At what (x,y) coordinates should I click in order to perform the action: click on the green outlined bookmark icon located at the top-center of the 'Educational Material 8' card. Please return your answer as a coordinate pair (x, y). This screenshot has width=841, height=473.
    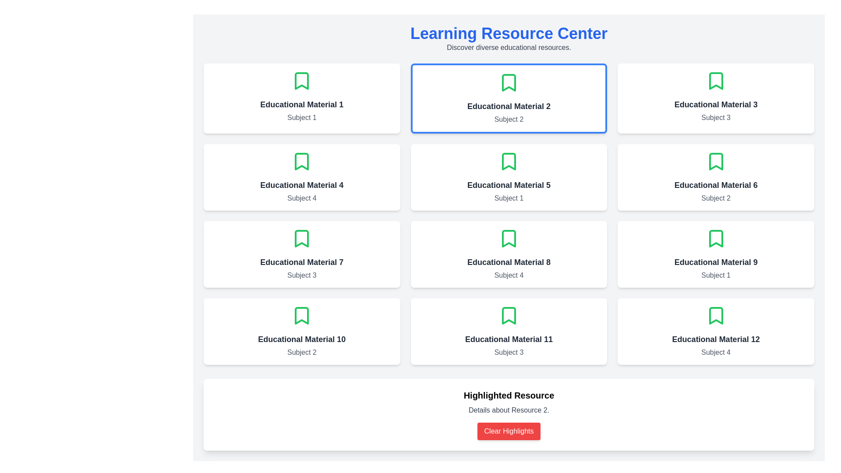
    Looking at the image, I should click on (509, 238).